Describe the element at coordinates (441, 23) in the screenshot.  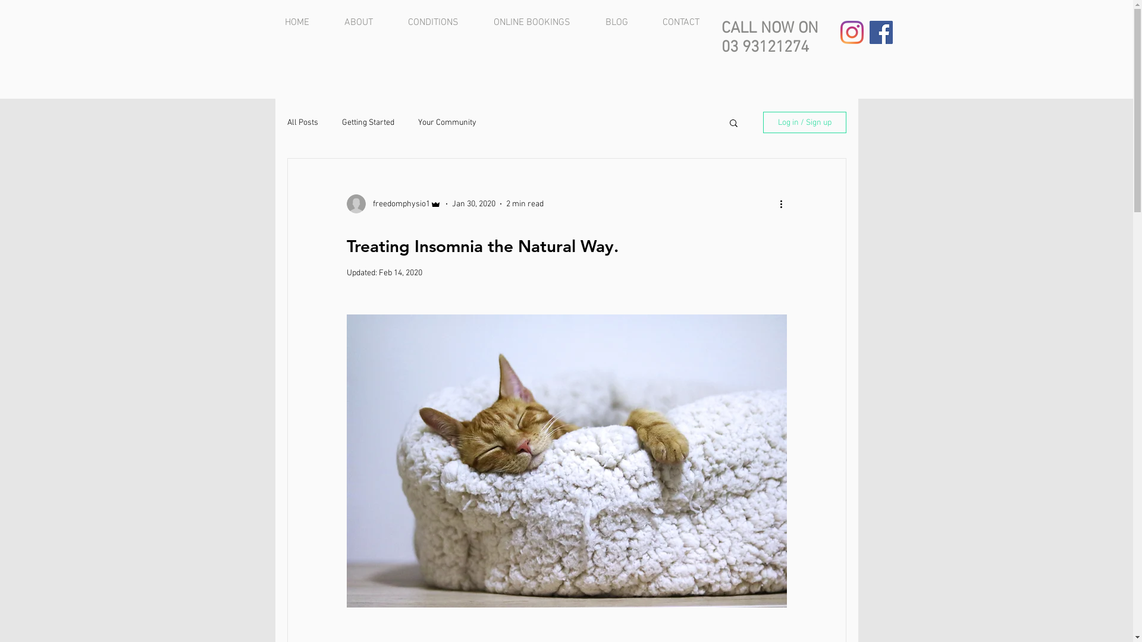
I see `'CONDITIONS'` at that location.